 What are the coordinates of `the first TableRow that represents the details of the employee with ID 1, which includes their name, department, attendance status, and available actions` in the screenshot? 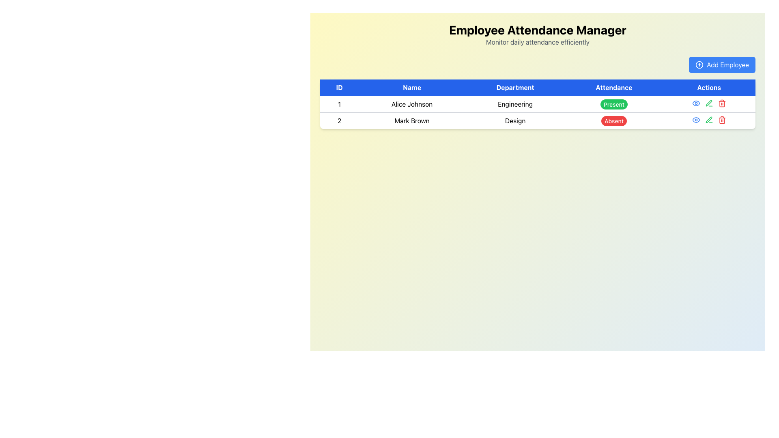 It's located at (538, 104).